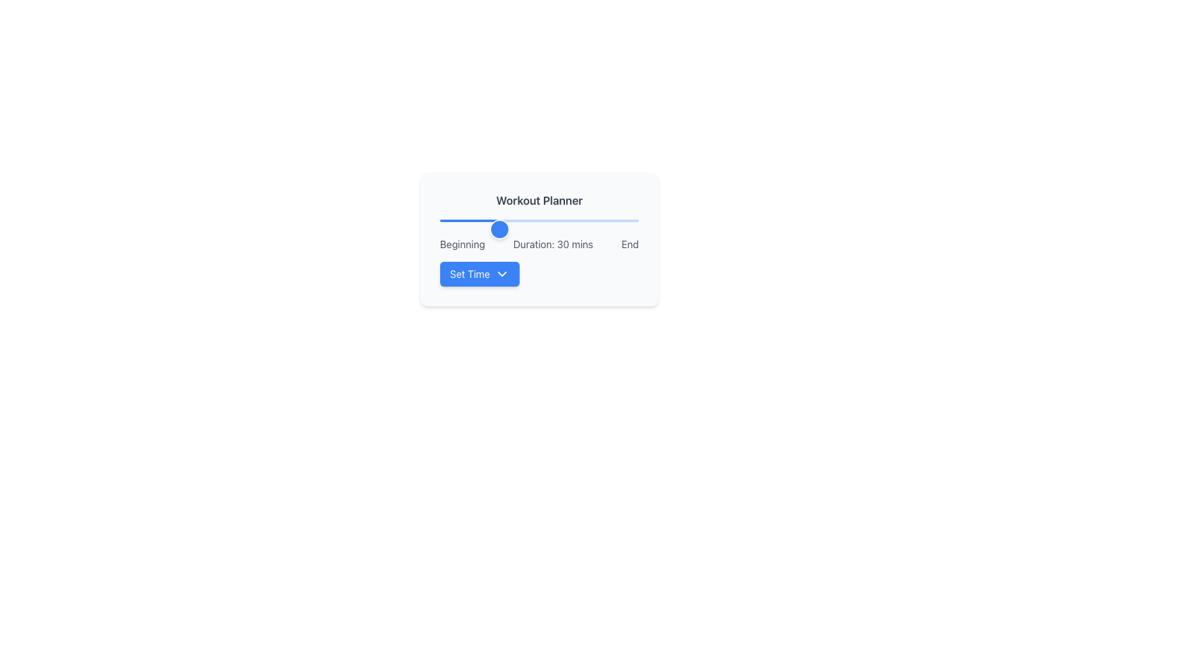  I want to click on the button with an integrated dropdown trigger located in the lower section of the 'Workout Planner' card layout, so click(479, 274).